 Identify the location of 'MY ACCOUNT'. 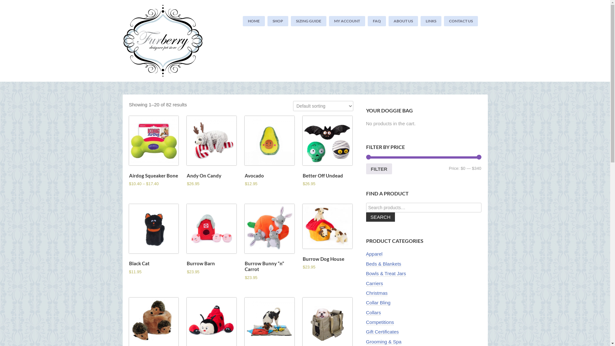
(347, 21).